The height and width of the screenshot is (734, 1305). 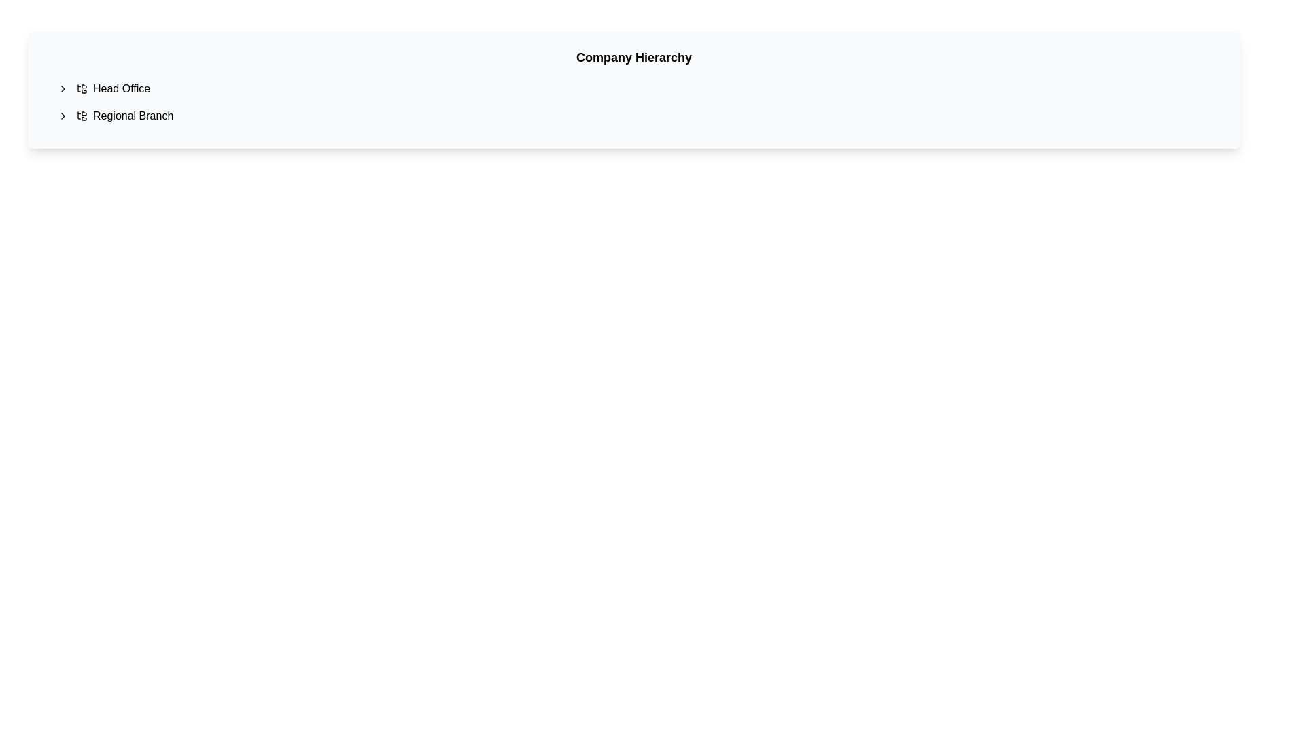 I want to click on the Chevron-Right icon that indicates expandable content for the 'Regional Branch' label to trigger a visual change, so click(x=62, y=115).